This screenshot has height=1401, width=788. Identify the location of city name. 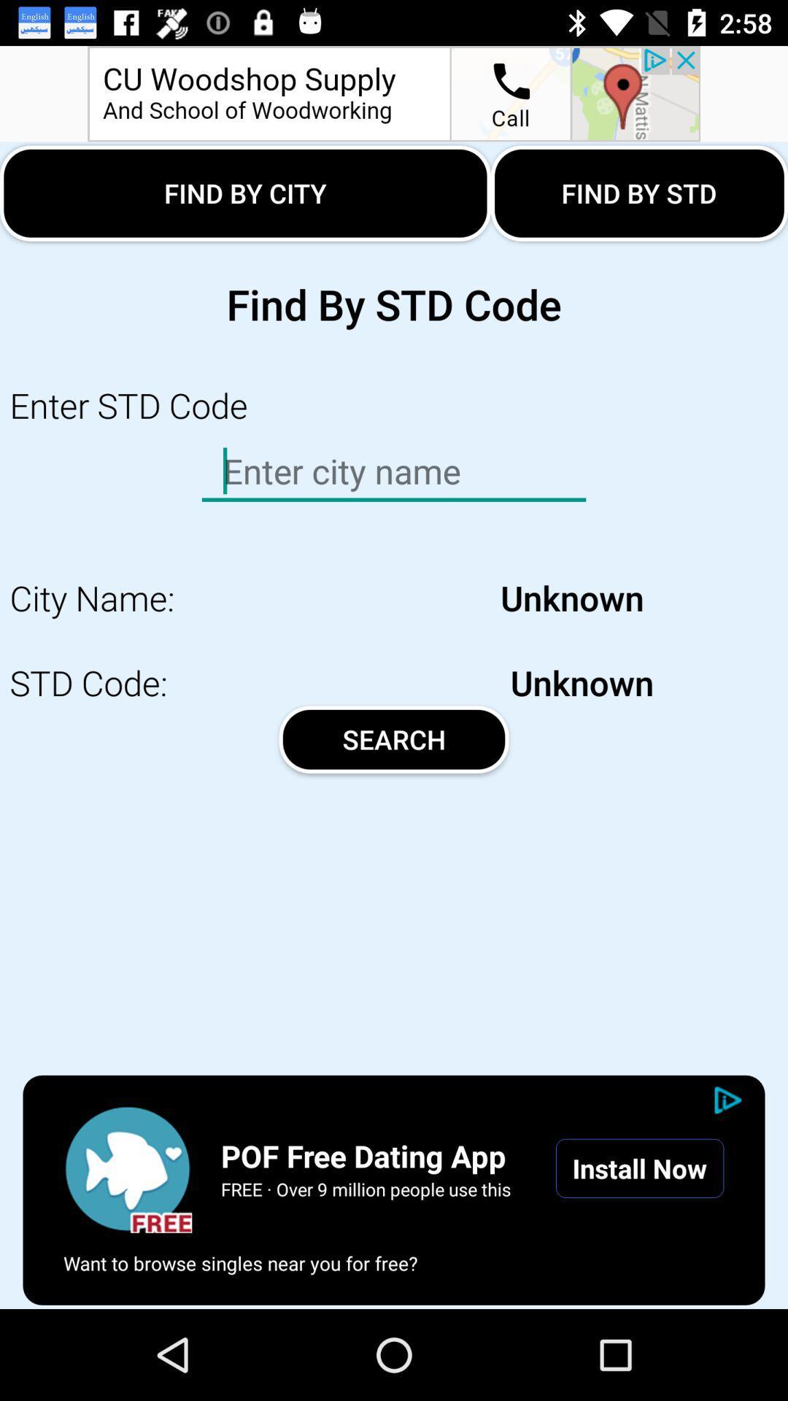
(127, 1168).